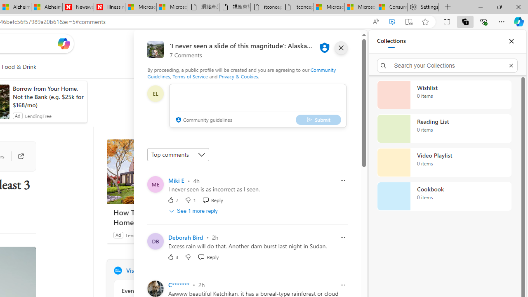  I want to click on 'See 1 more reply', so click(194, 210).